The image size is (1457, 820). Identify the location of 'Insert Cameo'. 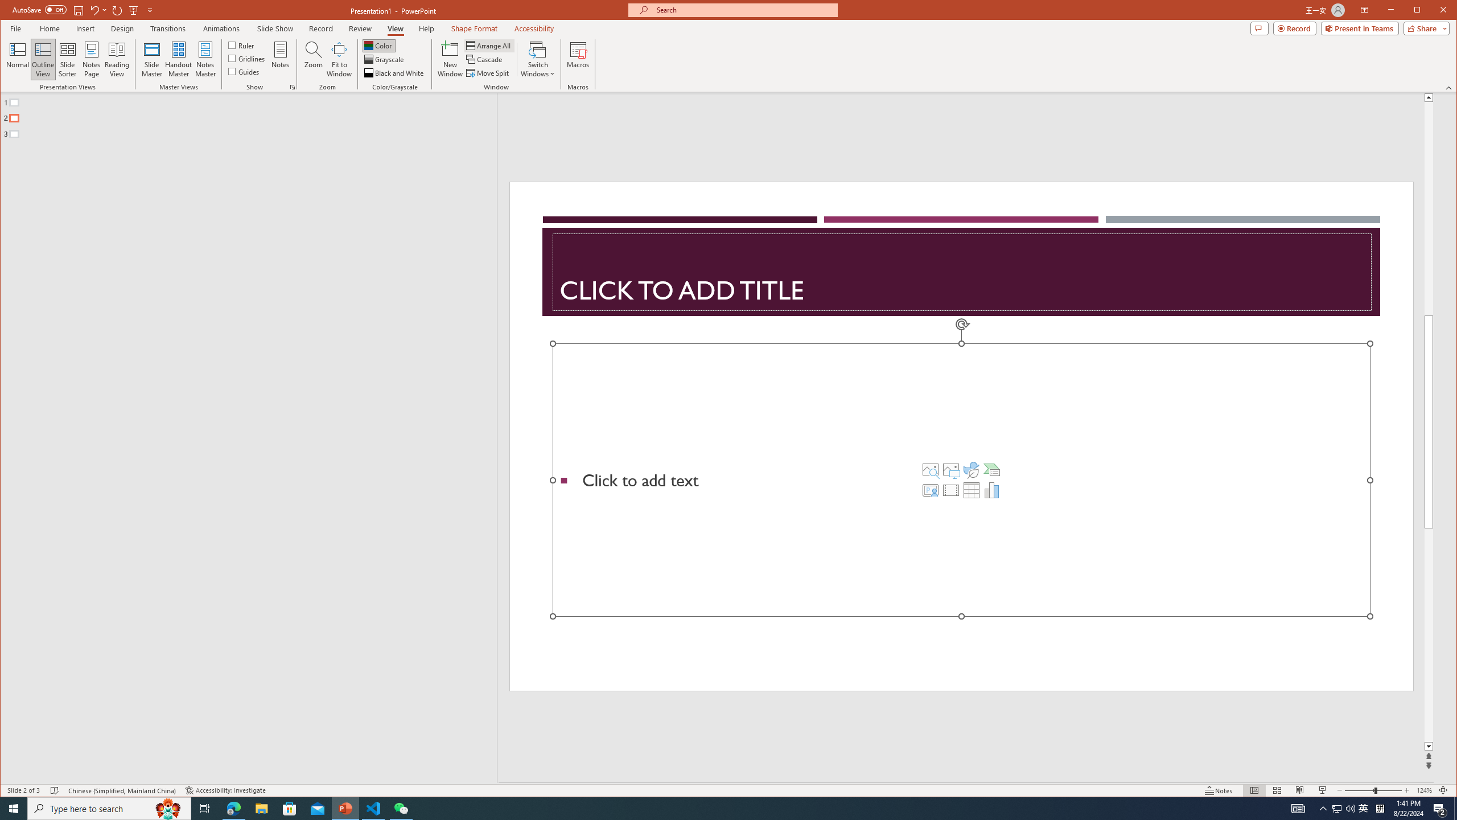
(930, 490).